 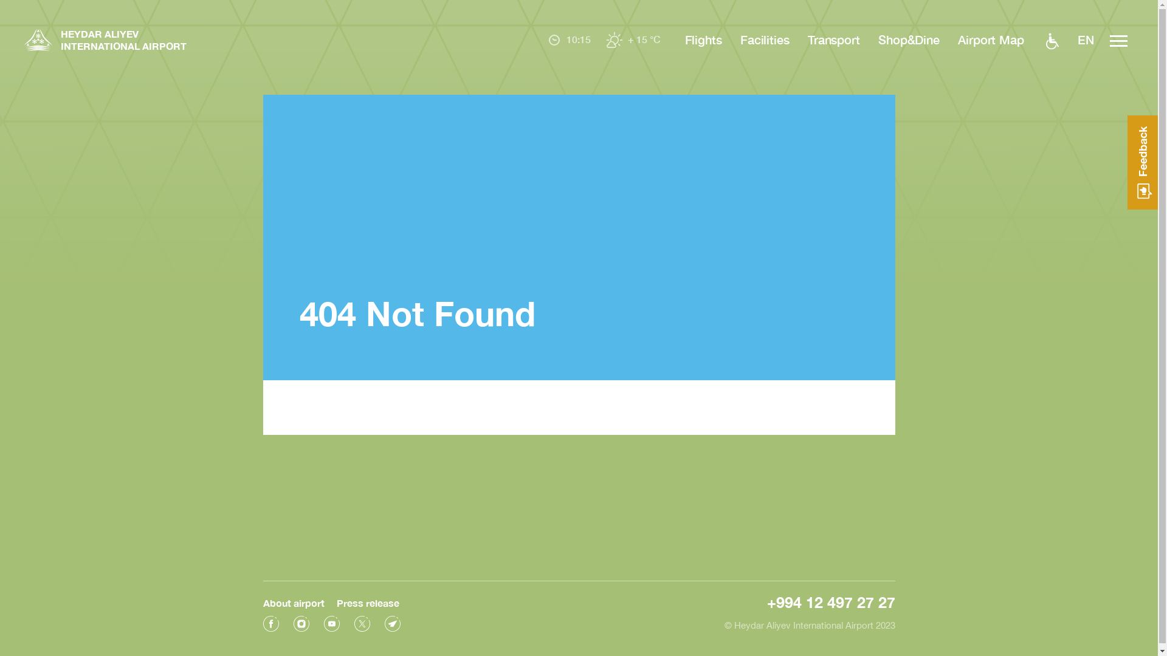 What do you see at coordinates (1142, 162) in the screenshot?
I see `'Feedback'` at bounding box center [1142, 162].